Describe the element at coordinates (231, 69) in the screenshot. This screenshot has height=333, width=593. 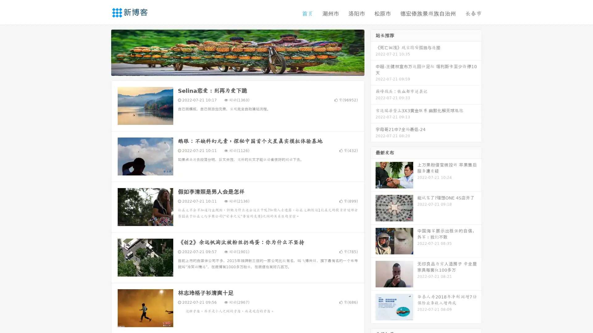
I see `Go to slide 1` at that location.